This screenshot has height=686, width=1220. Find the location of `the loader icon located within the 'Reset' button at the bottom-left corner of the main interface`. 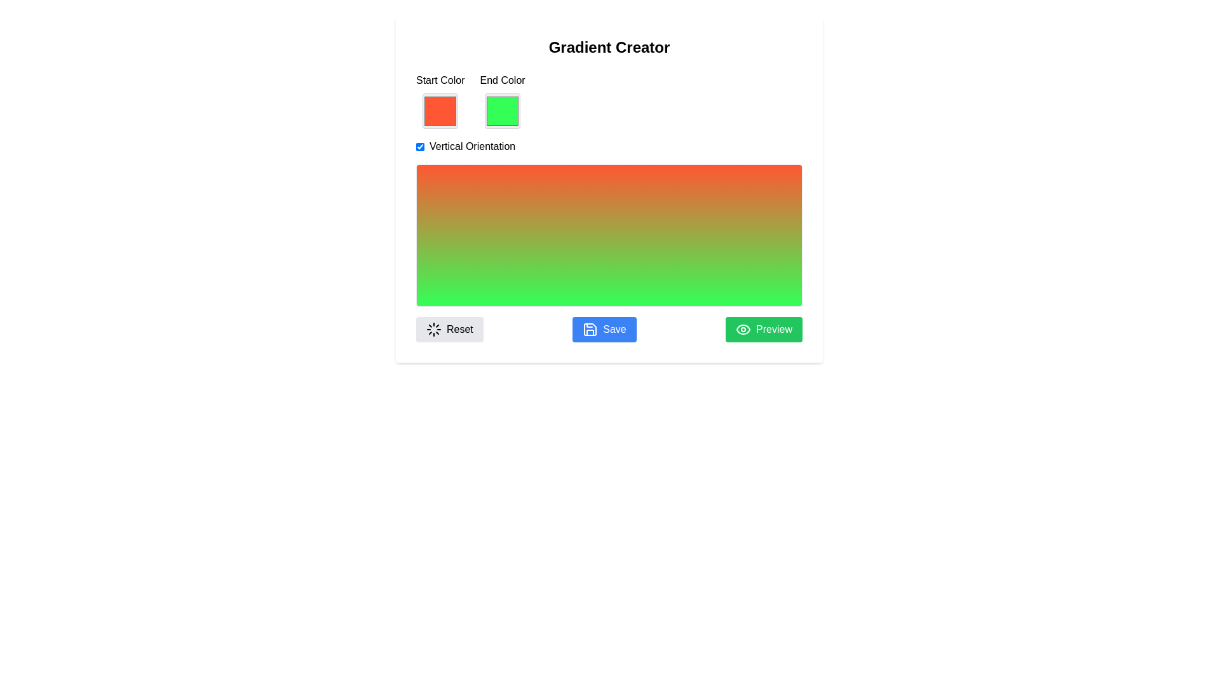

the loader icon located within the 'Reset' button at the bottom-left corner of the main interface is located at coordinates (433, 329).